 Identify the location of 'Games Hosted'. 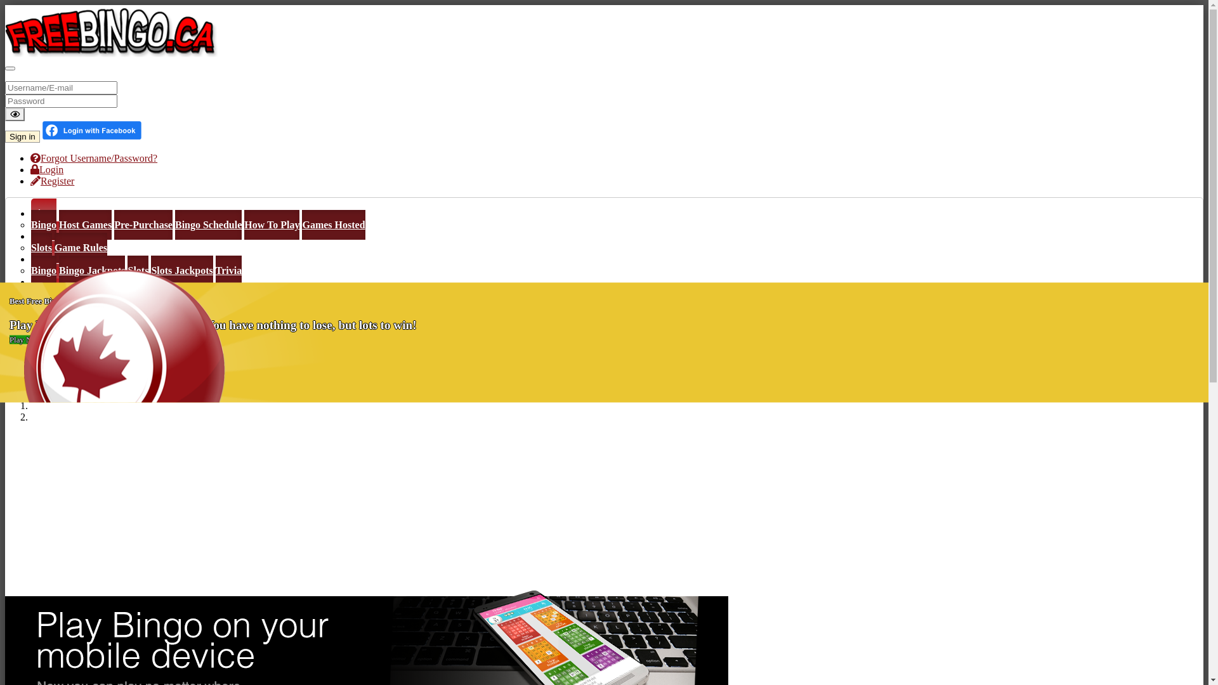
(333, 224).